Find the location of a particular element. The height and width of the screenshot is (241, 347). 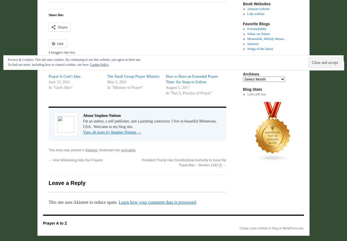

'Reblogs' is located at coordinates (91, 150).